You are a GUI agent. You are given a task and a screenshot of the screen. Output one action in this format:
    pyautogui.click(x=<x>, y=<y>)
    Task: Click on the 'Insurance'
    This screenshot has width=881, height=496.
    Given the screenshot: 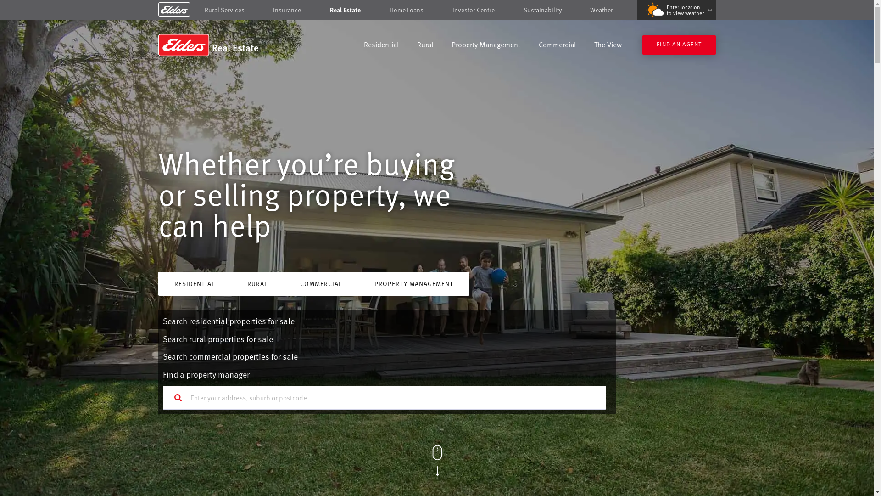 What is the action you would take?
    pyautogui.click(x=286, y=10)
    